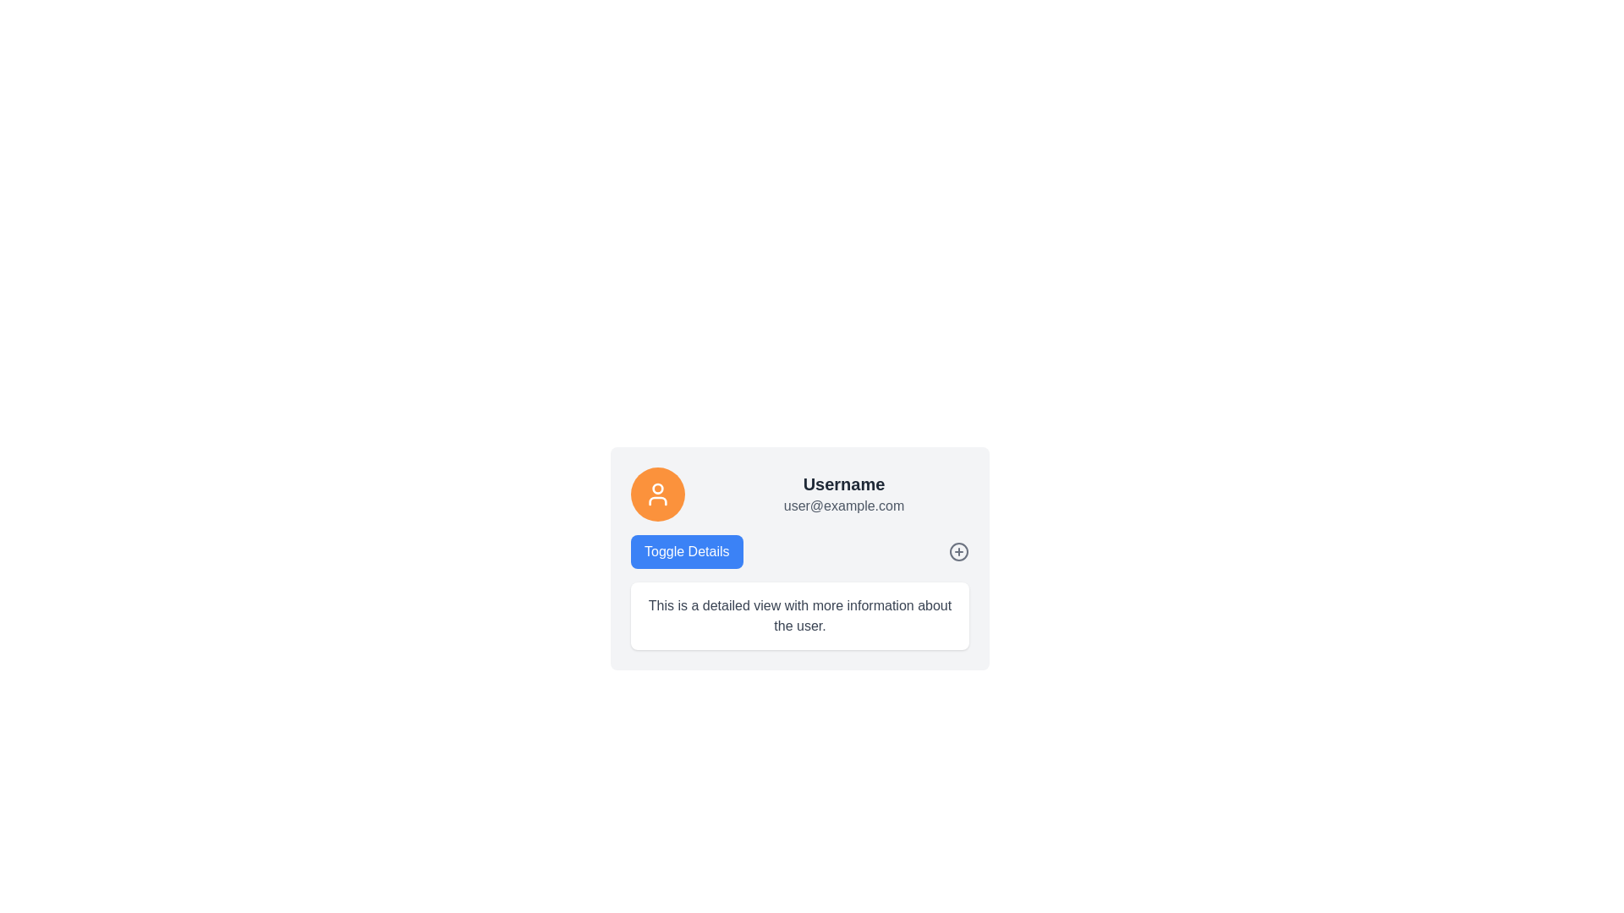 The width and height of the screenshot is (1624, 913). What do you see at coordinates (844, 495) in the screenshot?
I see `the Text Display Component that shows 'Username' and 'user@example.com' in a white background box located in the upper-right section of the card UI layout` at bounding box center [844, 495].